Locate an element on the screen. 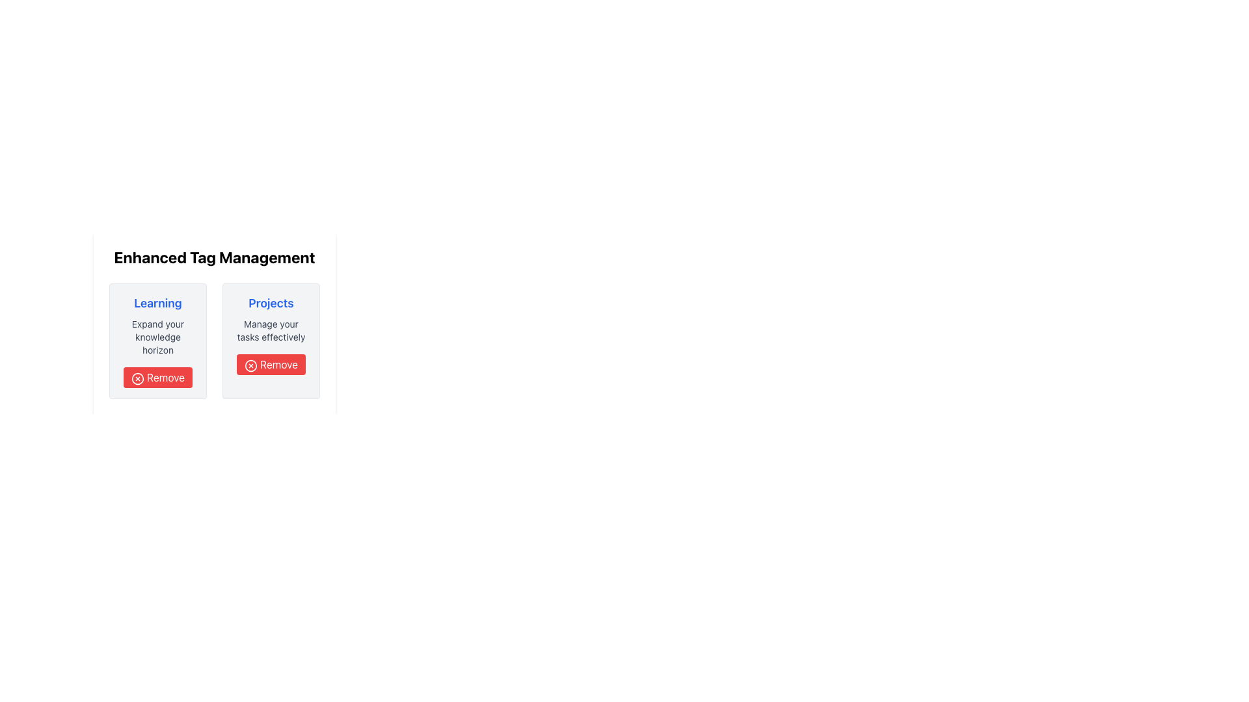  the static text element providing information about the 'Projects' section, located directly below the 'Projects' heading is located at coordinates (271, 330).